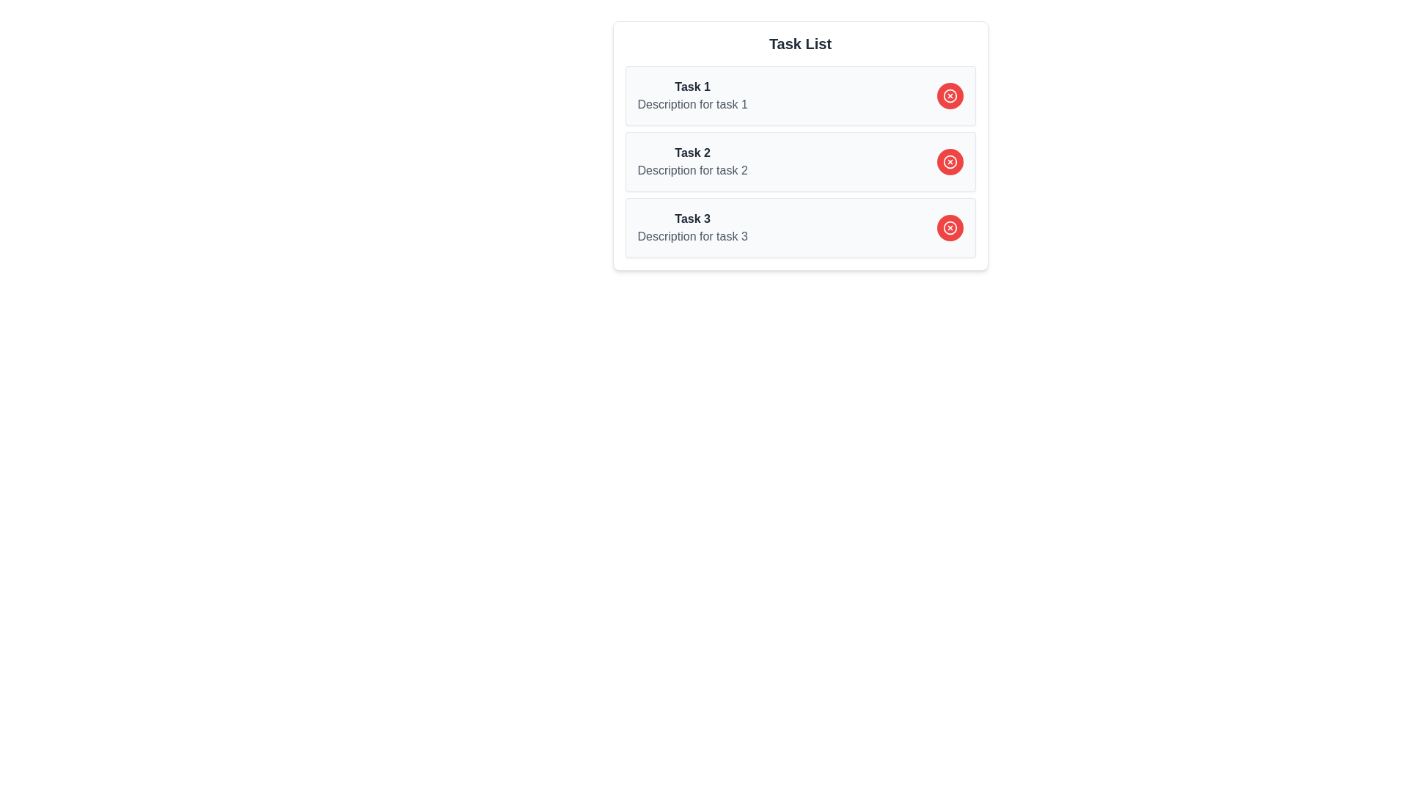  Describe the element at coordinates (799, 228) in the screenshot. I see `title and description of the 'Task 3' card, which is the last card in a vertical list of tasks` at that location.